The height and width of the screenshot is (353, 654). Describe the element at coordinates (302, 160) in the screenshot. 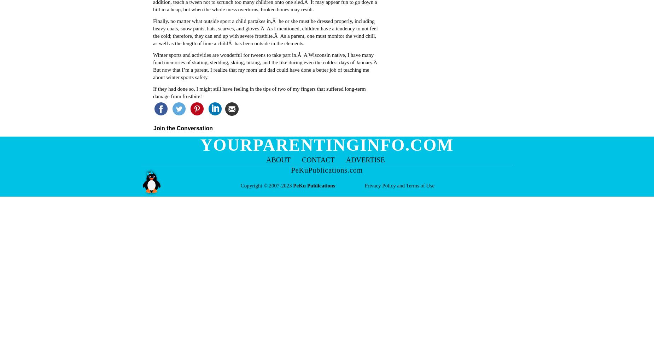

I see `'Contact'` at that location.